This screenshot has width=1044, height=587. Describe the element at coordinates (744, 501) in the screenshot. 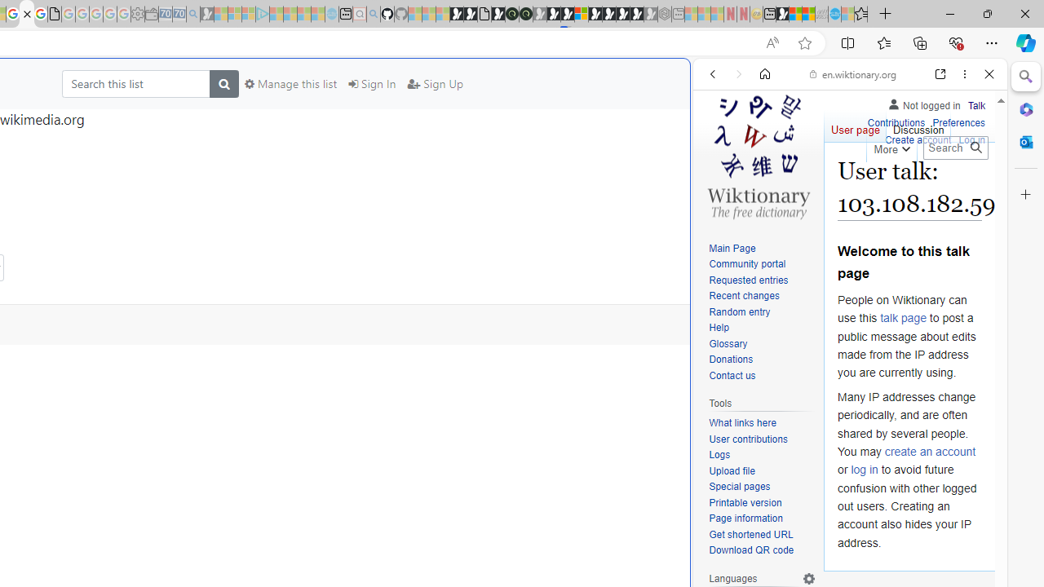

I see `'Printable version'` at that location.